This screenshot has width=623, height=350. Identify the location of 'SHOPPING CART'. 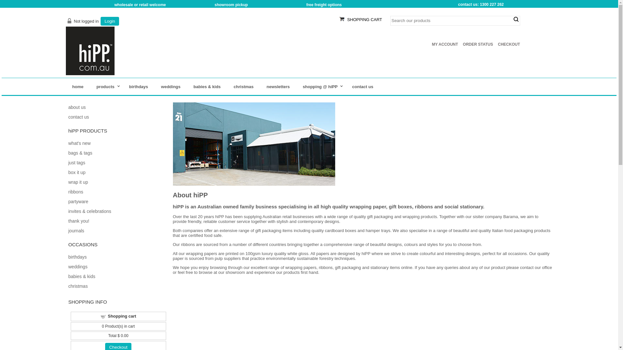
(364, 19).